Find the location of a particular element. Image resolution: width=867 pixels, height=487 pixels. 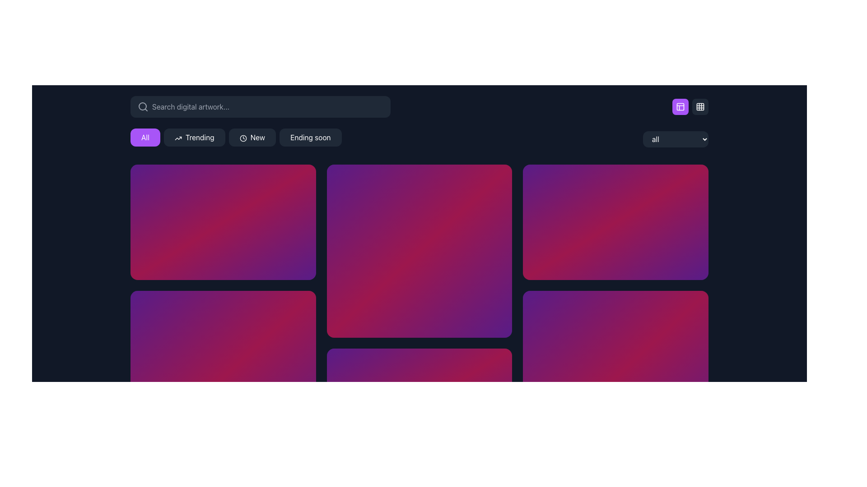

the small circular shape within the SVG component located in the top-right region of the application interface is located at coordinates (496, 179).